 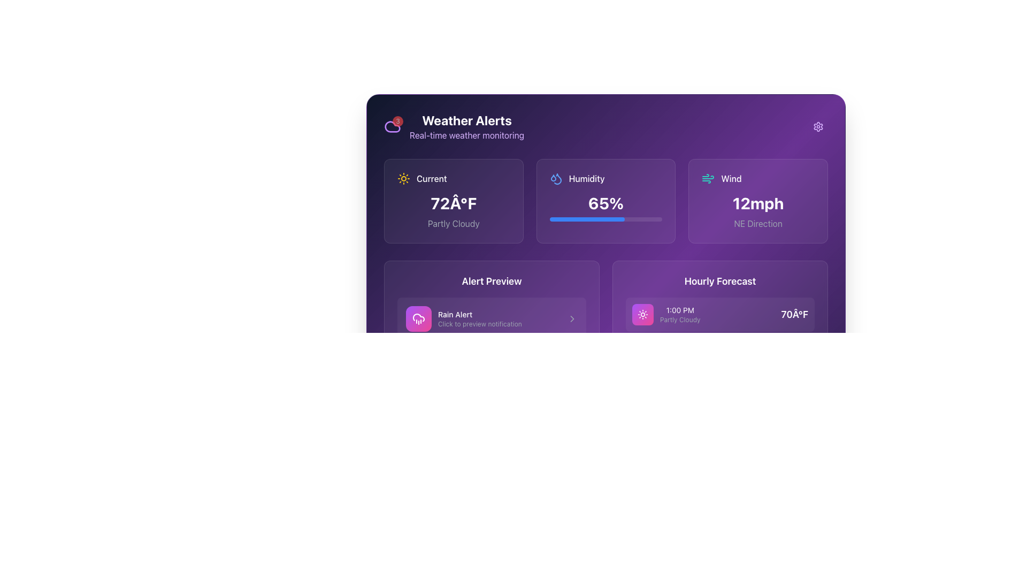 What do you see at coordinates (454, 126) in the screenshot?
I see `the Weather Alerts component, which includes a header with bold white text and a purple cloud icon with a red badge displaying '3'` at bounding box center [454, 126].